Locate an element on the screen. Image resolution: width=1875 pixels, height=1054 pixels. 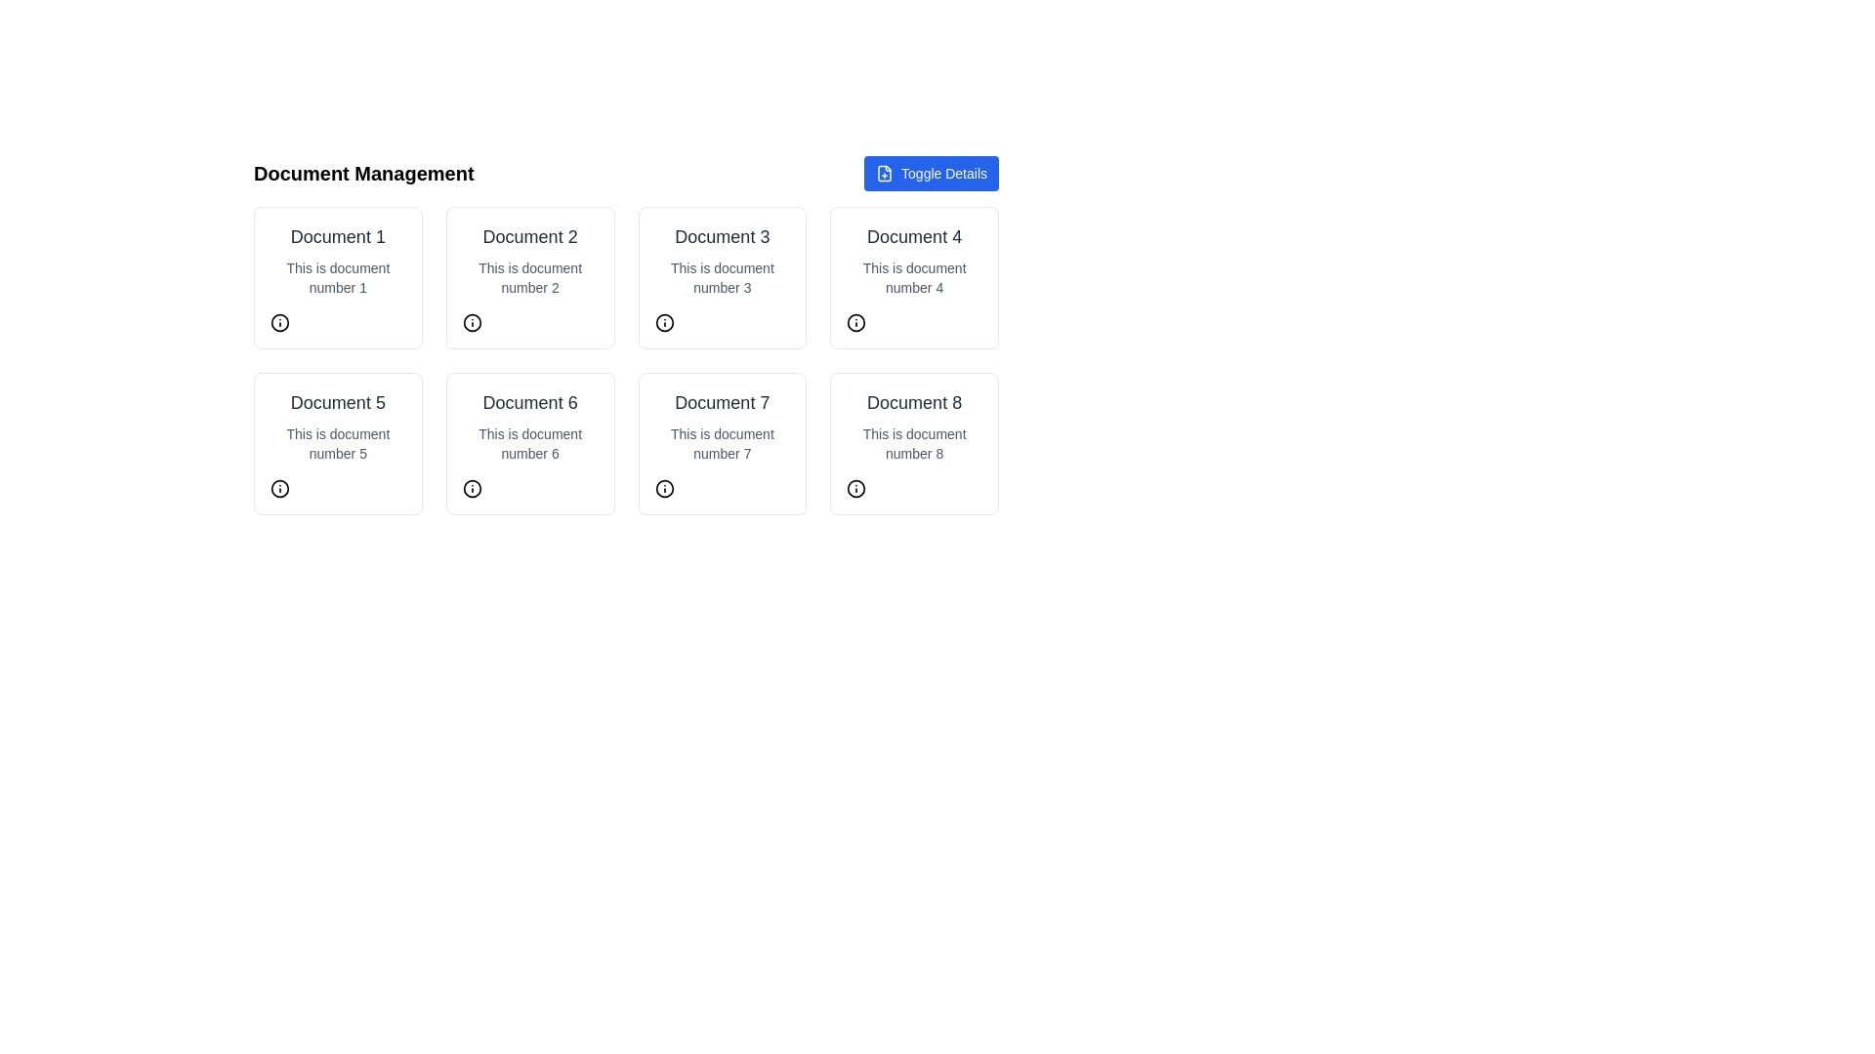
text content displaying 'Document 3' in bold dark gray font, located at the top of the card in the first row of a grid layout is located at coordinates (721, 236).